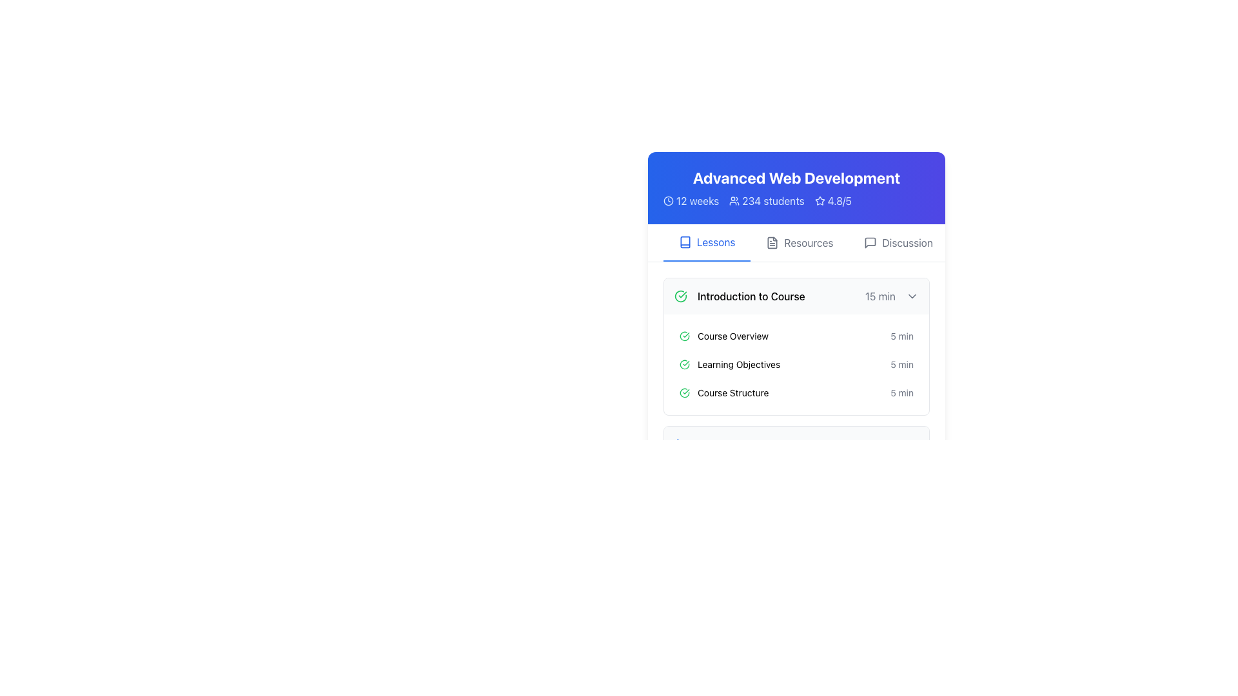 The height and width of the screenshot is (696, 1238). I want to click on the topmost selectable list item labeled 'Introduction to Course', so click(796, 296).